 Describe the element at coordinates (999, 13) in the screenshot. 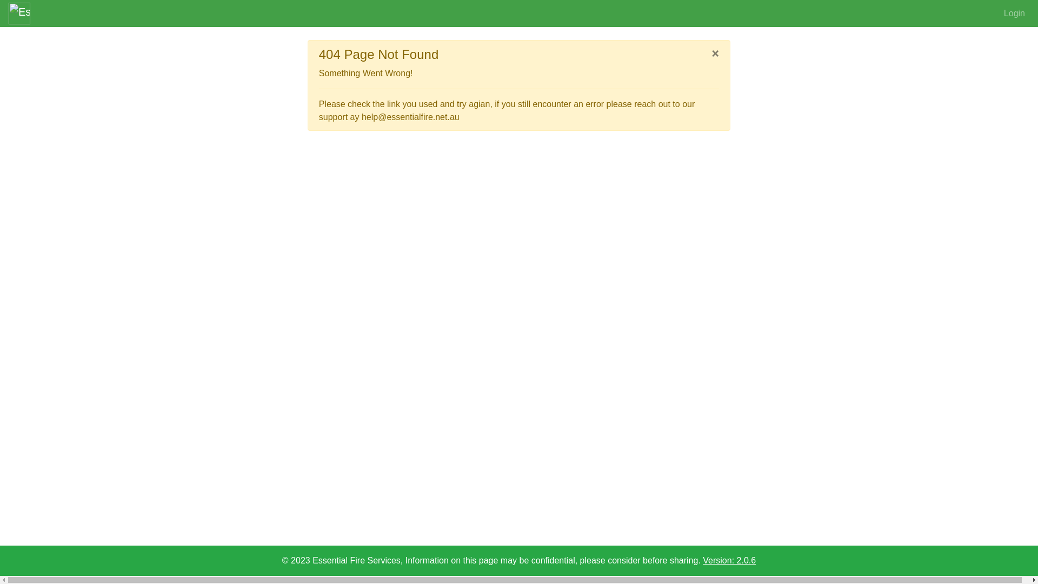

I see `'Login'` at that location.